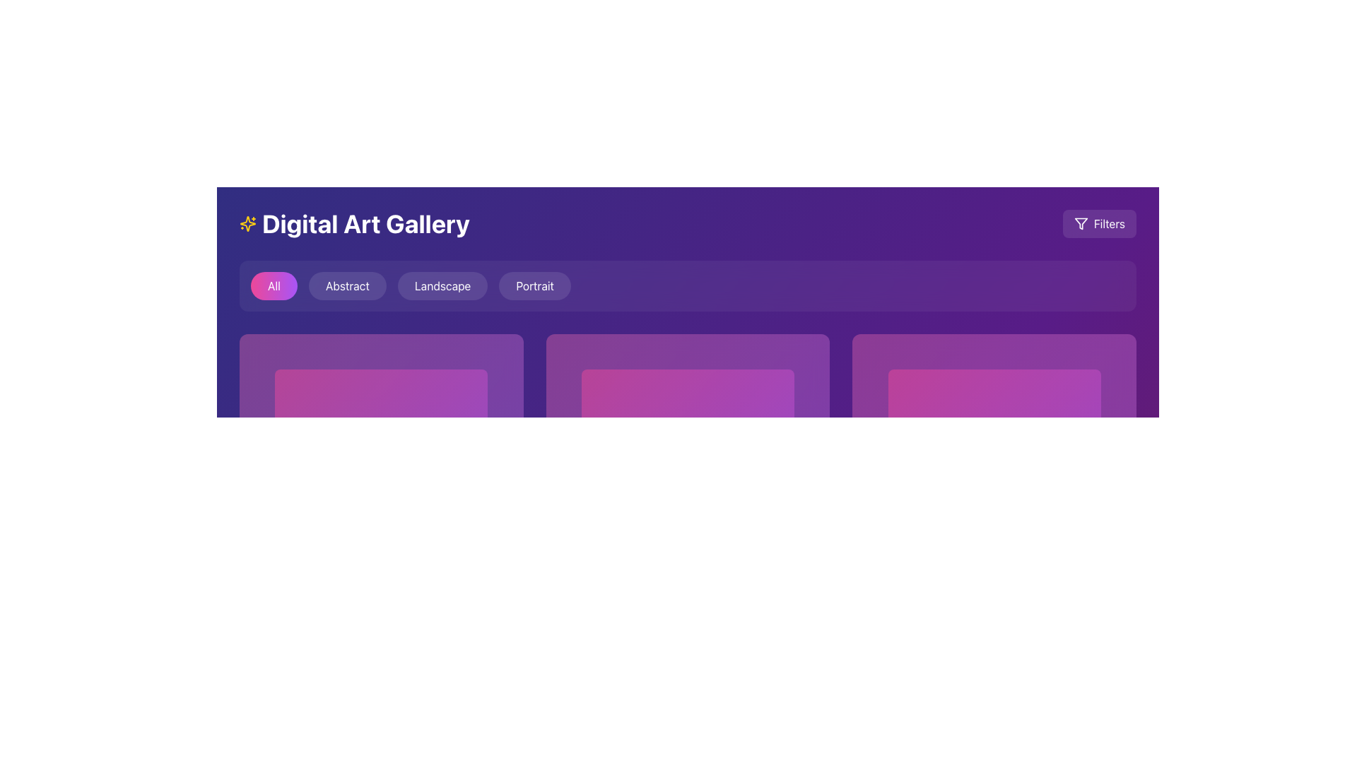 This screenshot has width=1357, height=763. I want to click on the decorative icon located to the immediate left of the 'Digital Art Gallery' title in the header section, so click(247, 223).